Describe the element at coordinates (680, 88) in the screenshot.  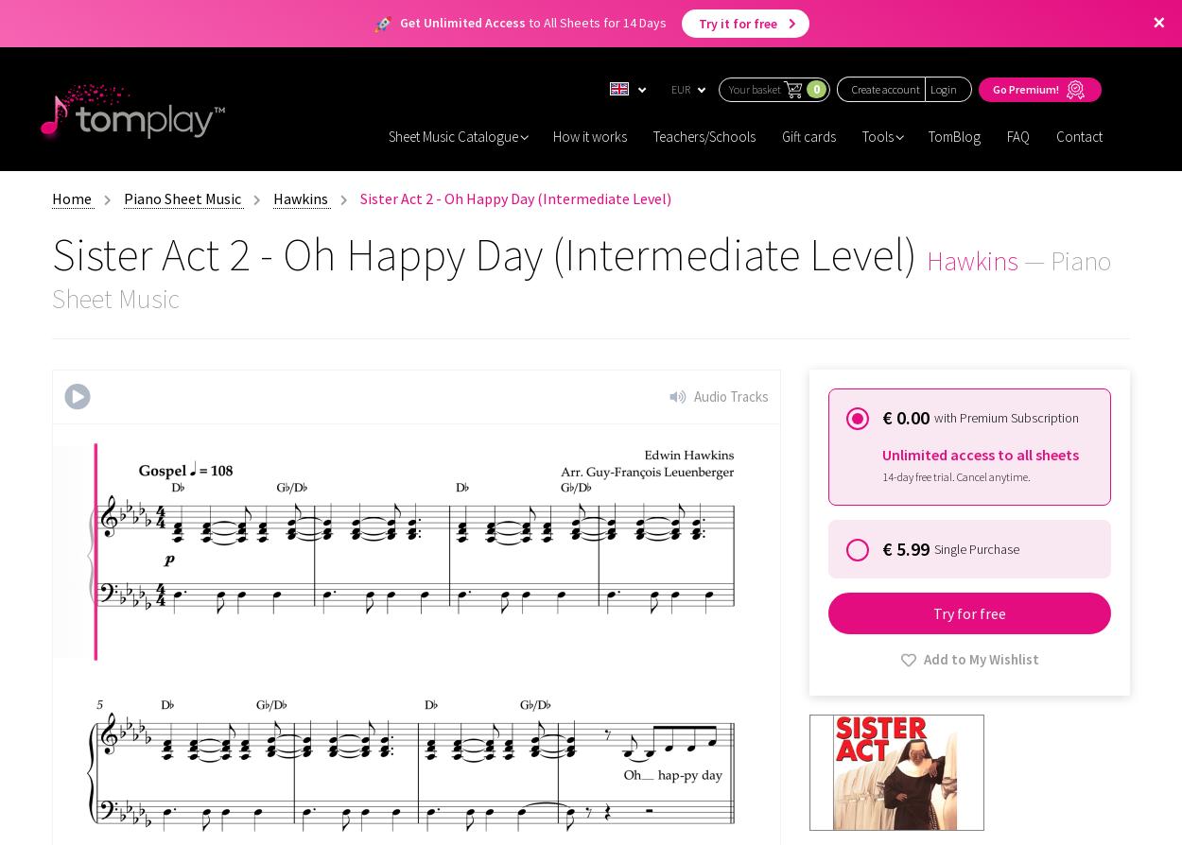
I see `'EUR'` at that location.